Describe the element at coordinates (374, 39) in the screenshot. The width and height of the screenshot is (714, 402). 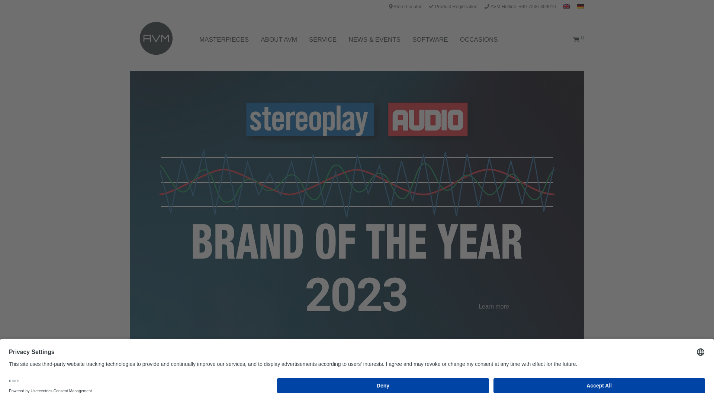
I see `'NEWS & EVENTS'` at that location.